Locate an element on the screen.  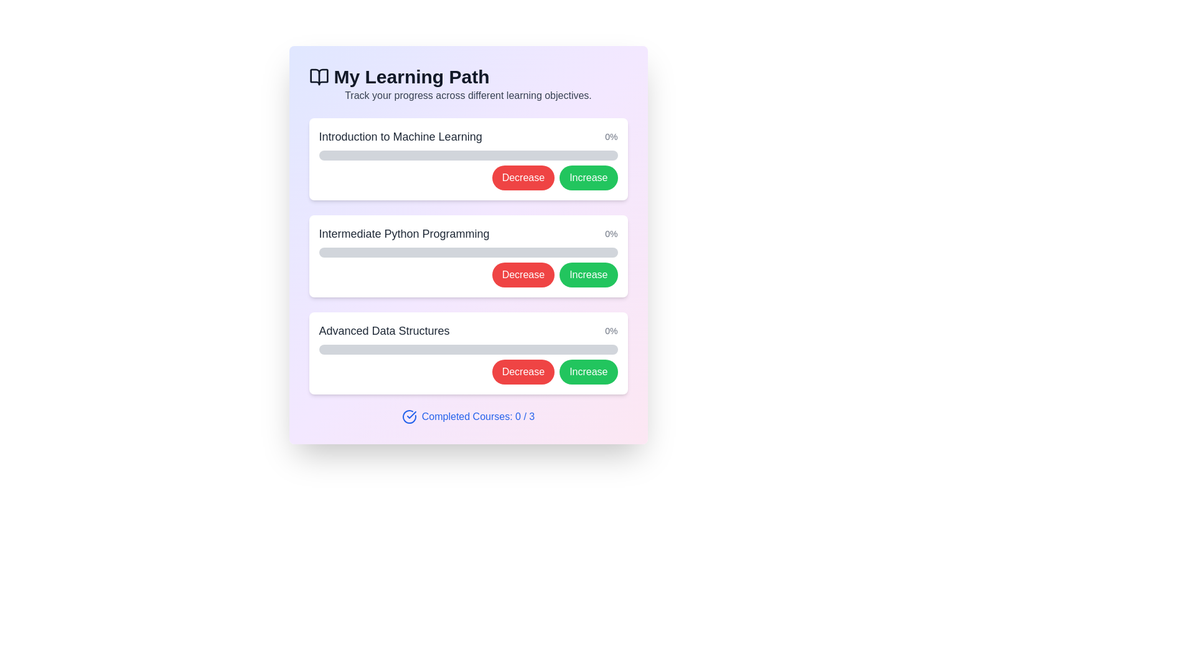
the header text element displaying 'Intermediate Python Programming' and its progress '0%', which is located at the top of the second course entry in a vertical list is located at coordinates (467, 233).